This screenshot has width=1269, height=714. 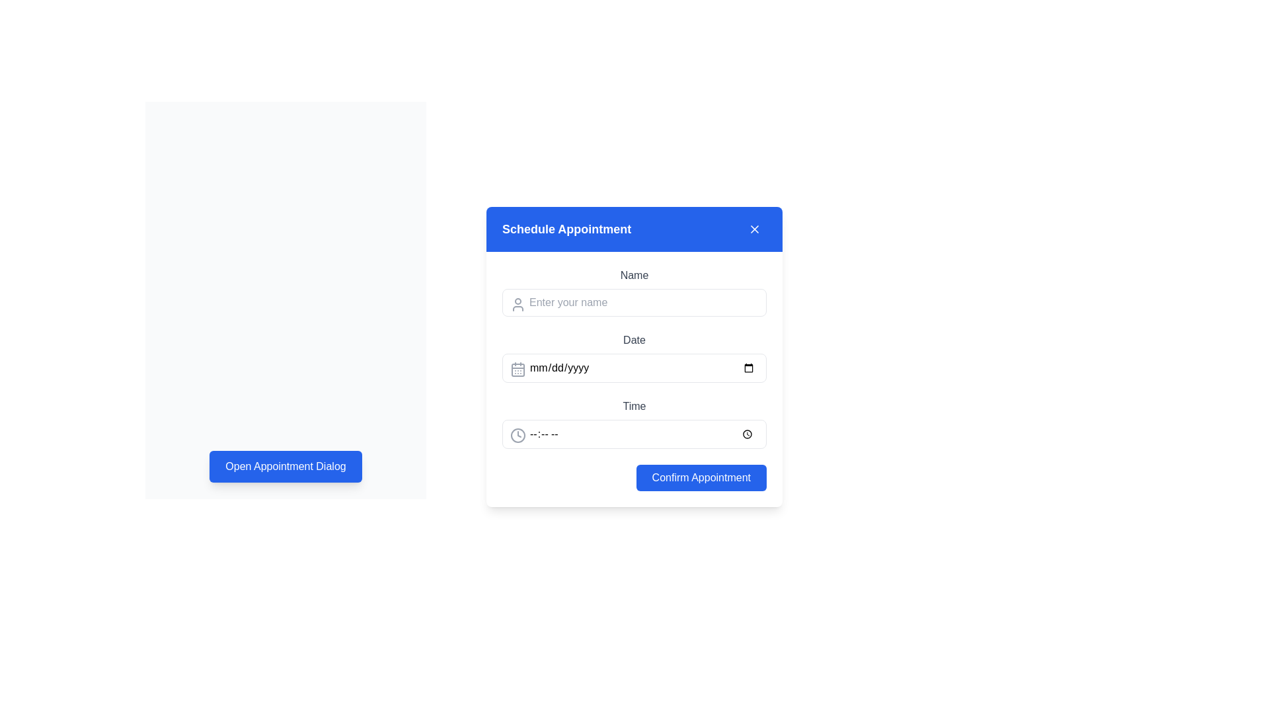 What do you see at coordinates (517, 305) in the screenshot?
I see `the input field for entering the user's name by interacting with the decorative icon located at the left side of the text entry field in the 'Schedule Appointment' dialog box` at bounding box center [517, 305].